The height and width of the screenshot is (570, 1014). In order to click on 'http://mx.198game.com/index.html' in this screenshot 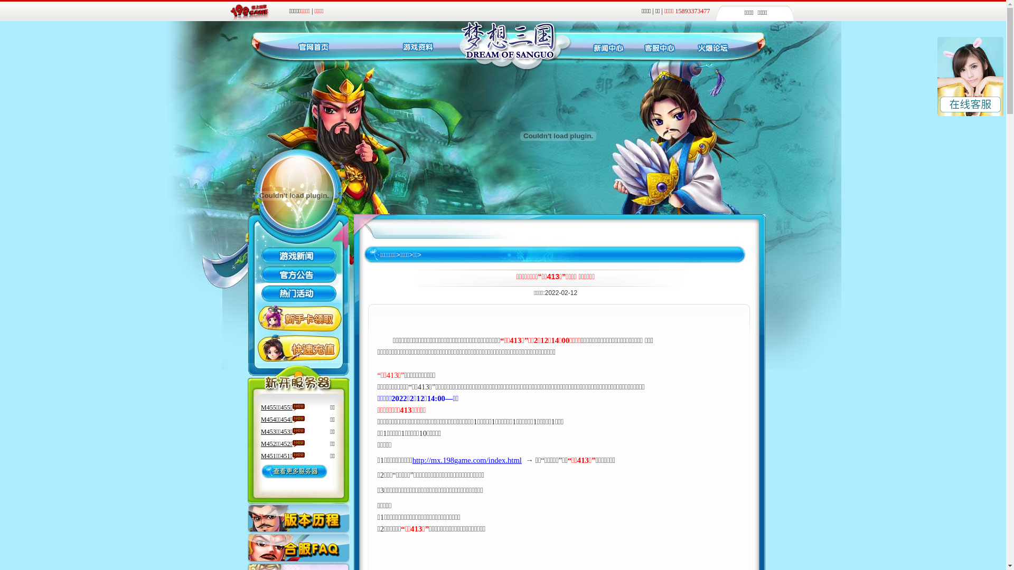, I will do `click(466, 460)`.